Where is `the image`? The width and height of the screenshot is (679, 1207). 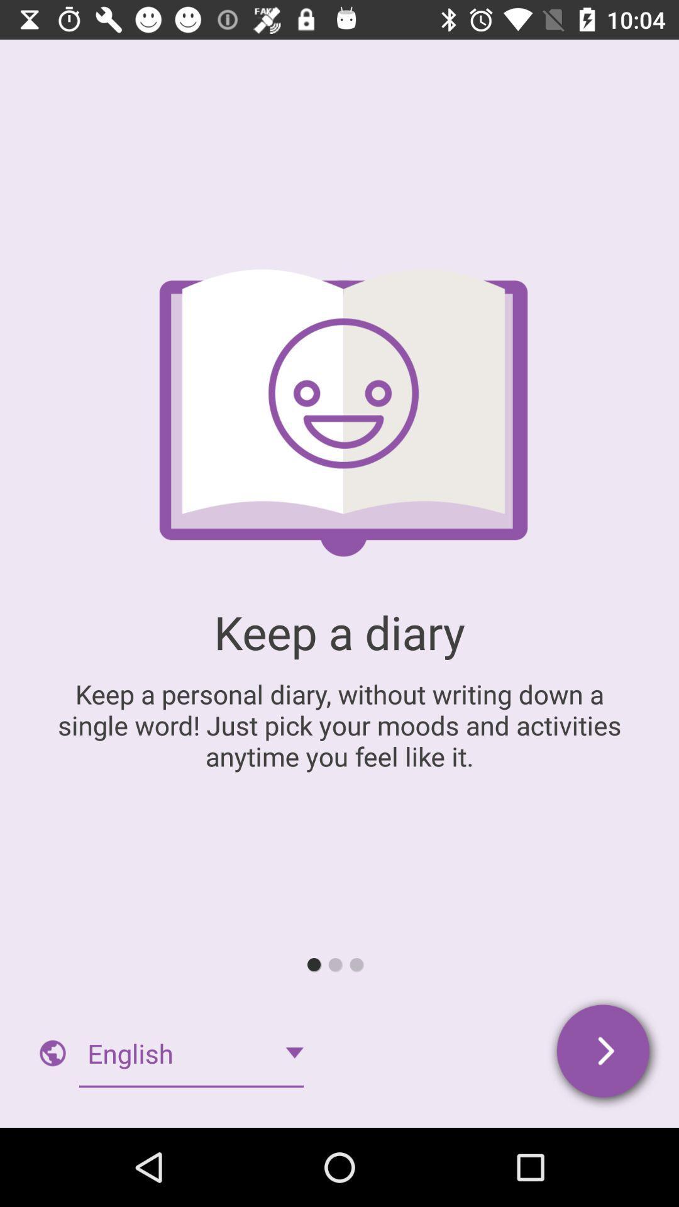 the image is located at coordinates (52, 1053).